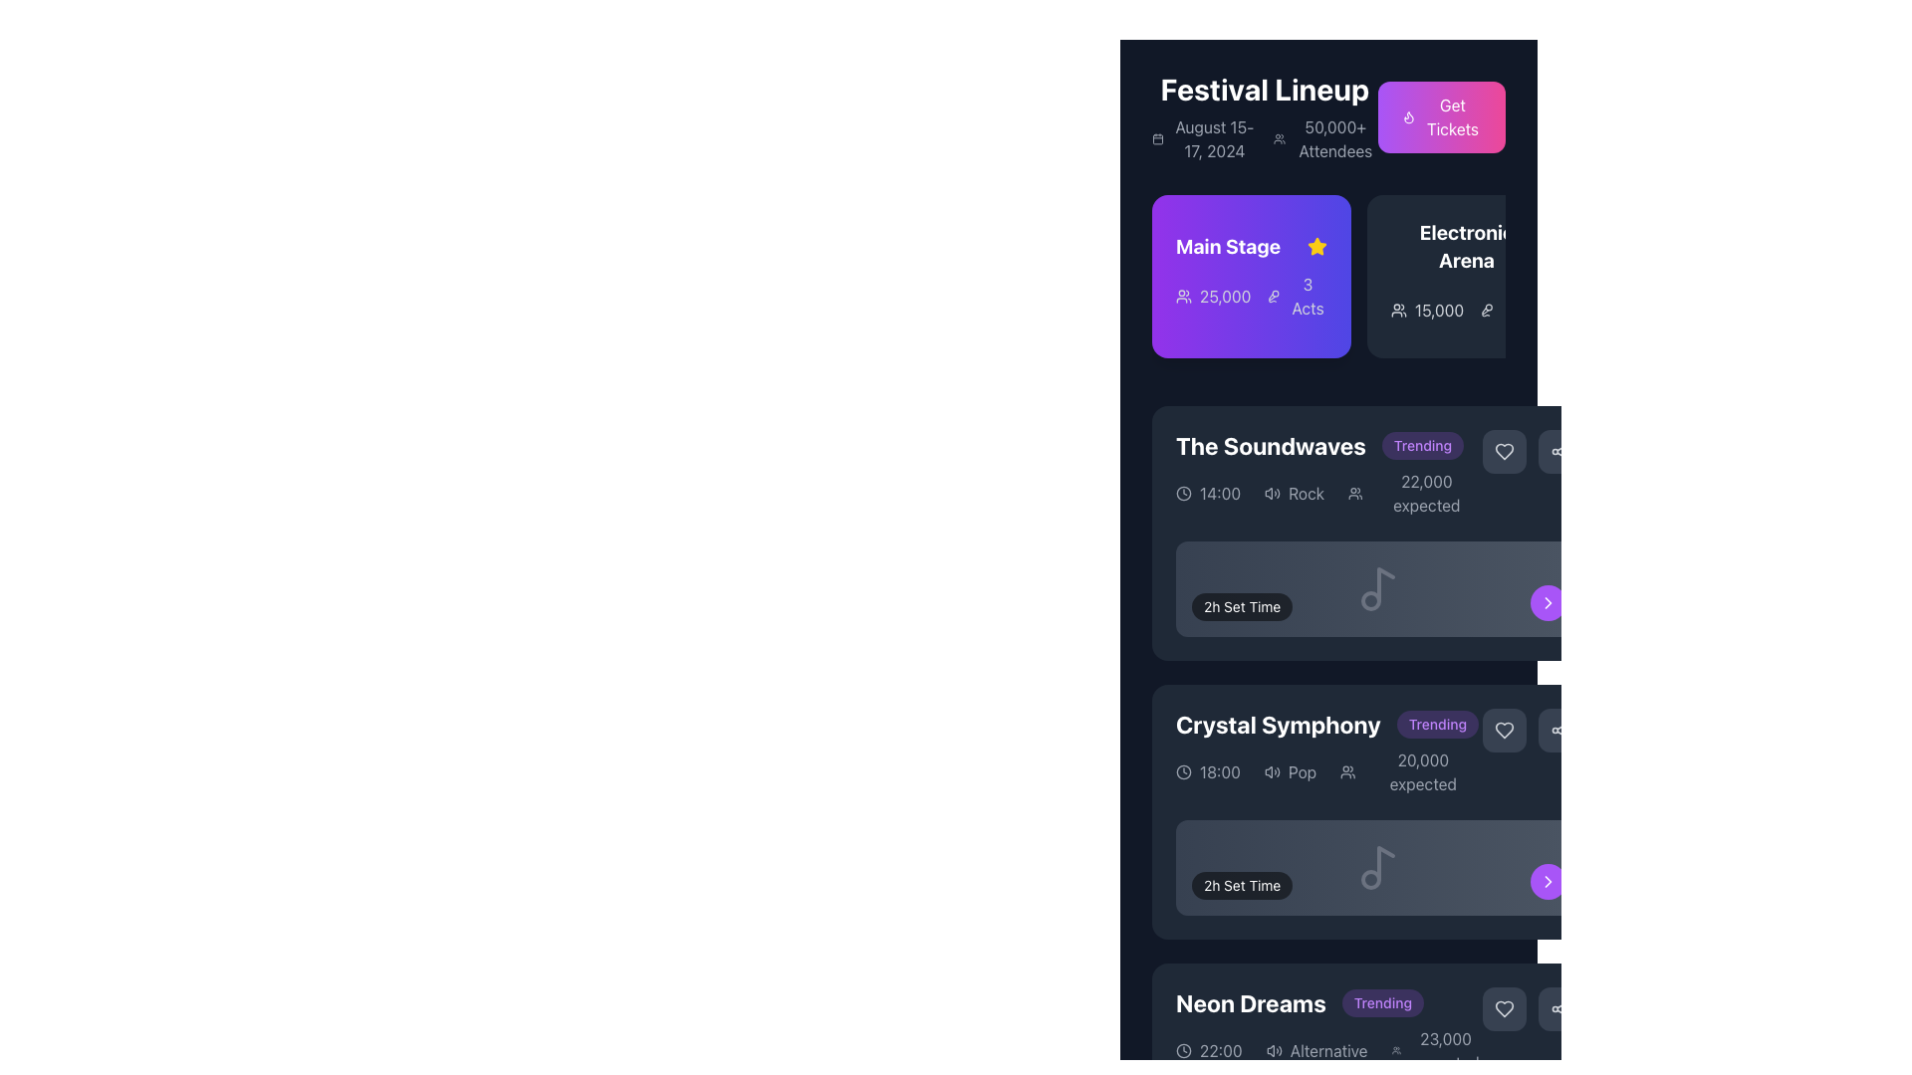 The width and height of the screenshot is (1912, 1075). What do you see at coordinates (1347, 770) in the screenshot?
I see `the user icon located in the 'Crystal Symphony' section, adjacent to the expected audience count of '20,000 expected', for accessibility purposes` at bounding box center [1347, 770].